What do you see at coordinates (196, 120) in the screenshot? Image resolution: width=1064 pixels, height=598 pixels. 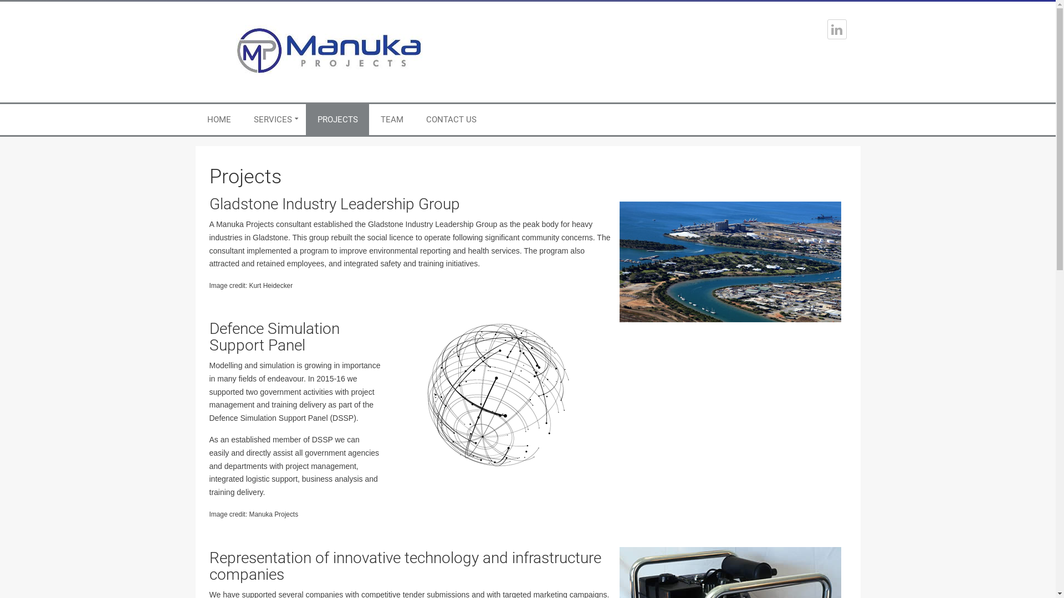 I see `'HOME'` at bounding box center [196, 120].